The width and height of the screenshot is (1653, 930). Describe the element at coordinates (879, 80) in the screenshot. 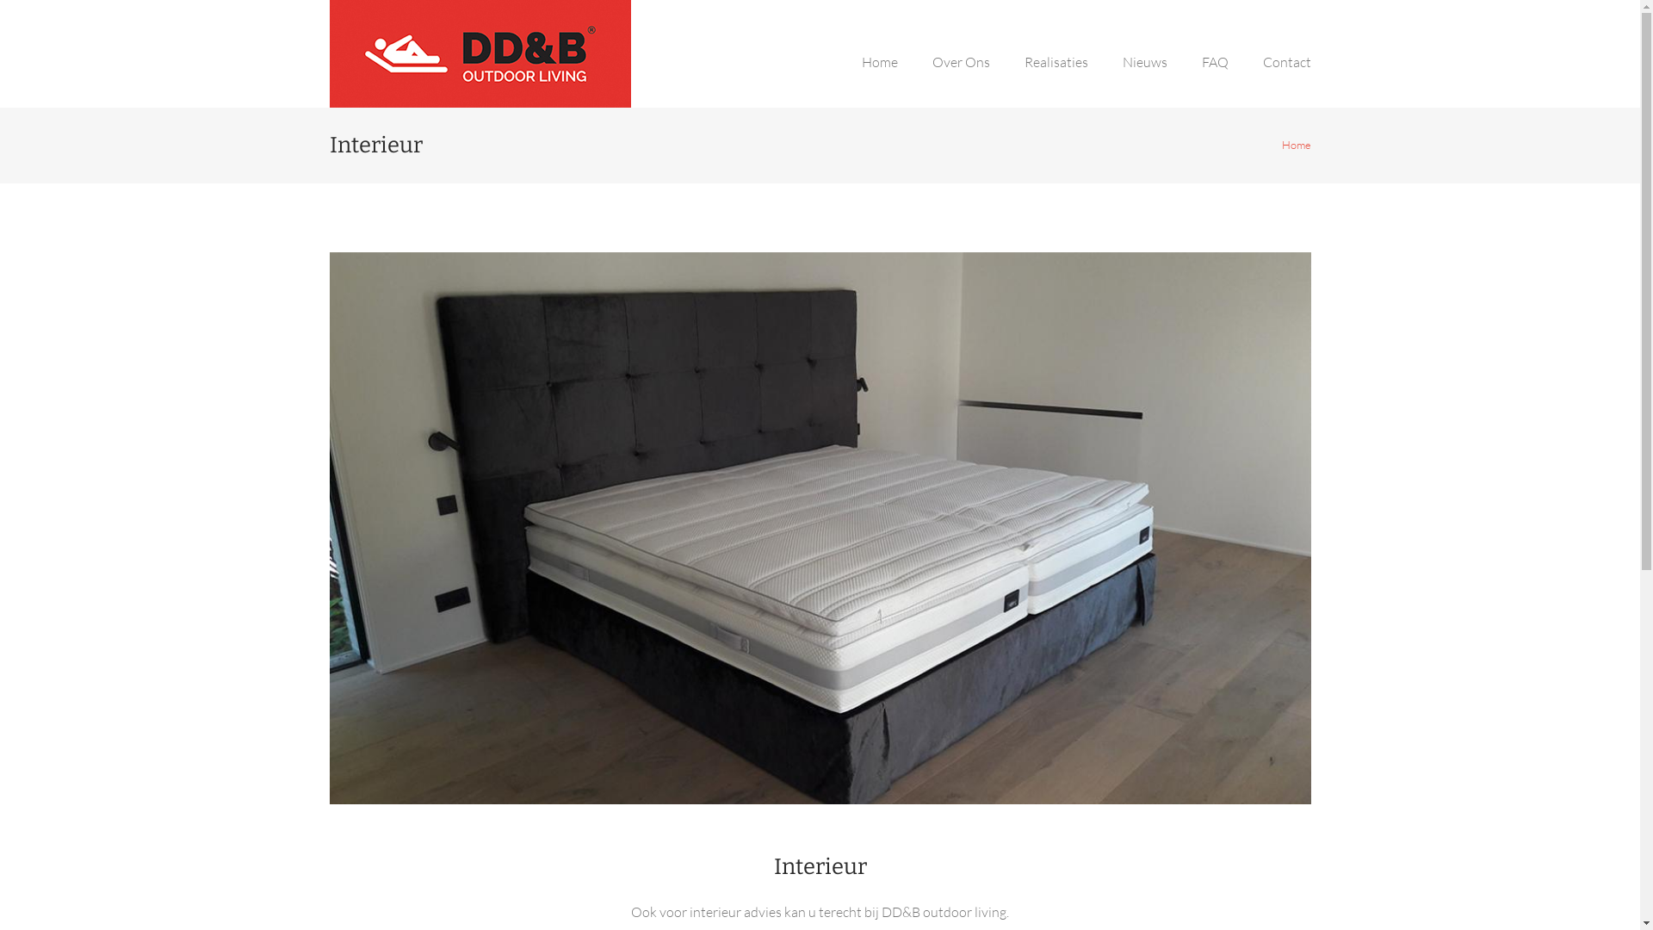

I see `'Home'` at that location.